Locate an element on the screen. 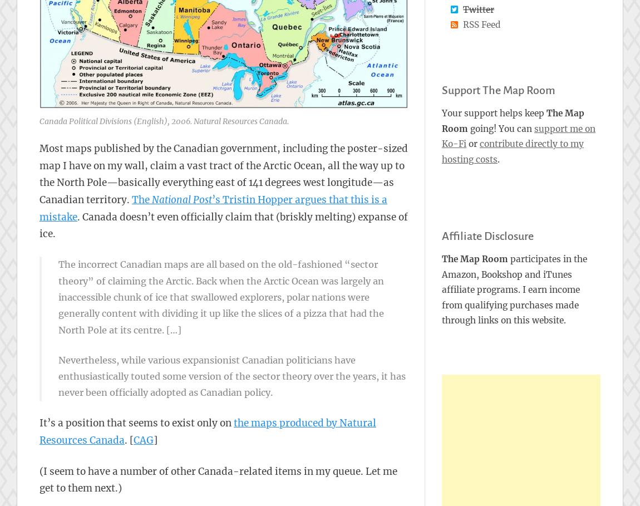 This screenshot has height=506, width=640. 'going! You can' is located at coordinates (467, 127).